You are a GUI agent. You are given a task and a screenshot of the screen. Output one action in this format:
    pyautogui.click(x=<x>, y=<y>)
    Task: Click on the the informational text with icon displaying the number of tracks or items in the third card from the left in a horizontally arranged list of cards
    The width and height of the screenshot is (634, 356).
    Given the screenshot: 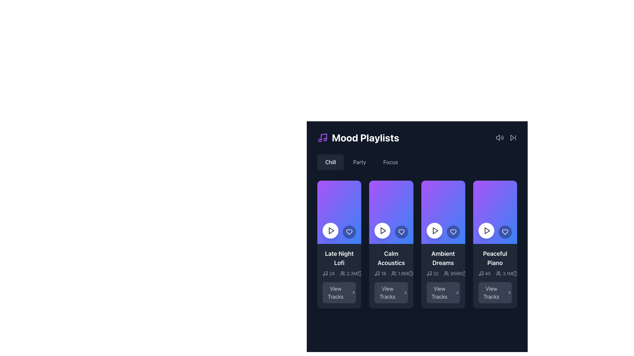 What is the action you would take?
    pyautogui.click(x=433, y=273)
    